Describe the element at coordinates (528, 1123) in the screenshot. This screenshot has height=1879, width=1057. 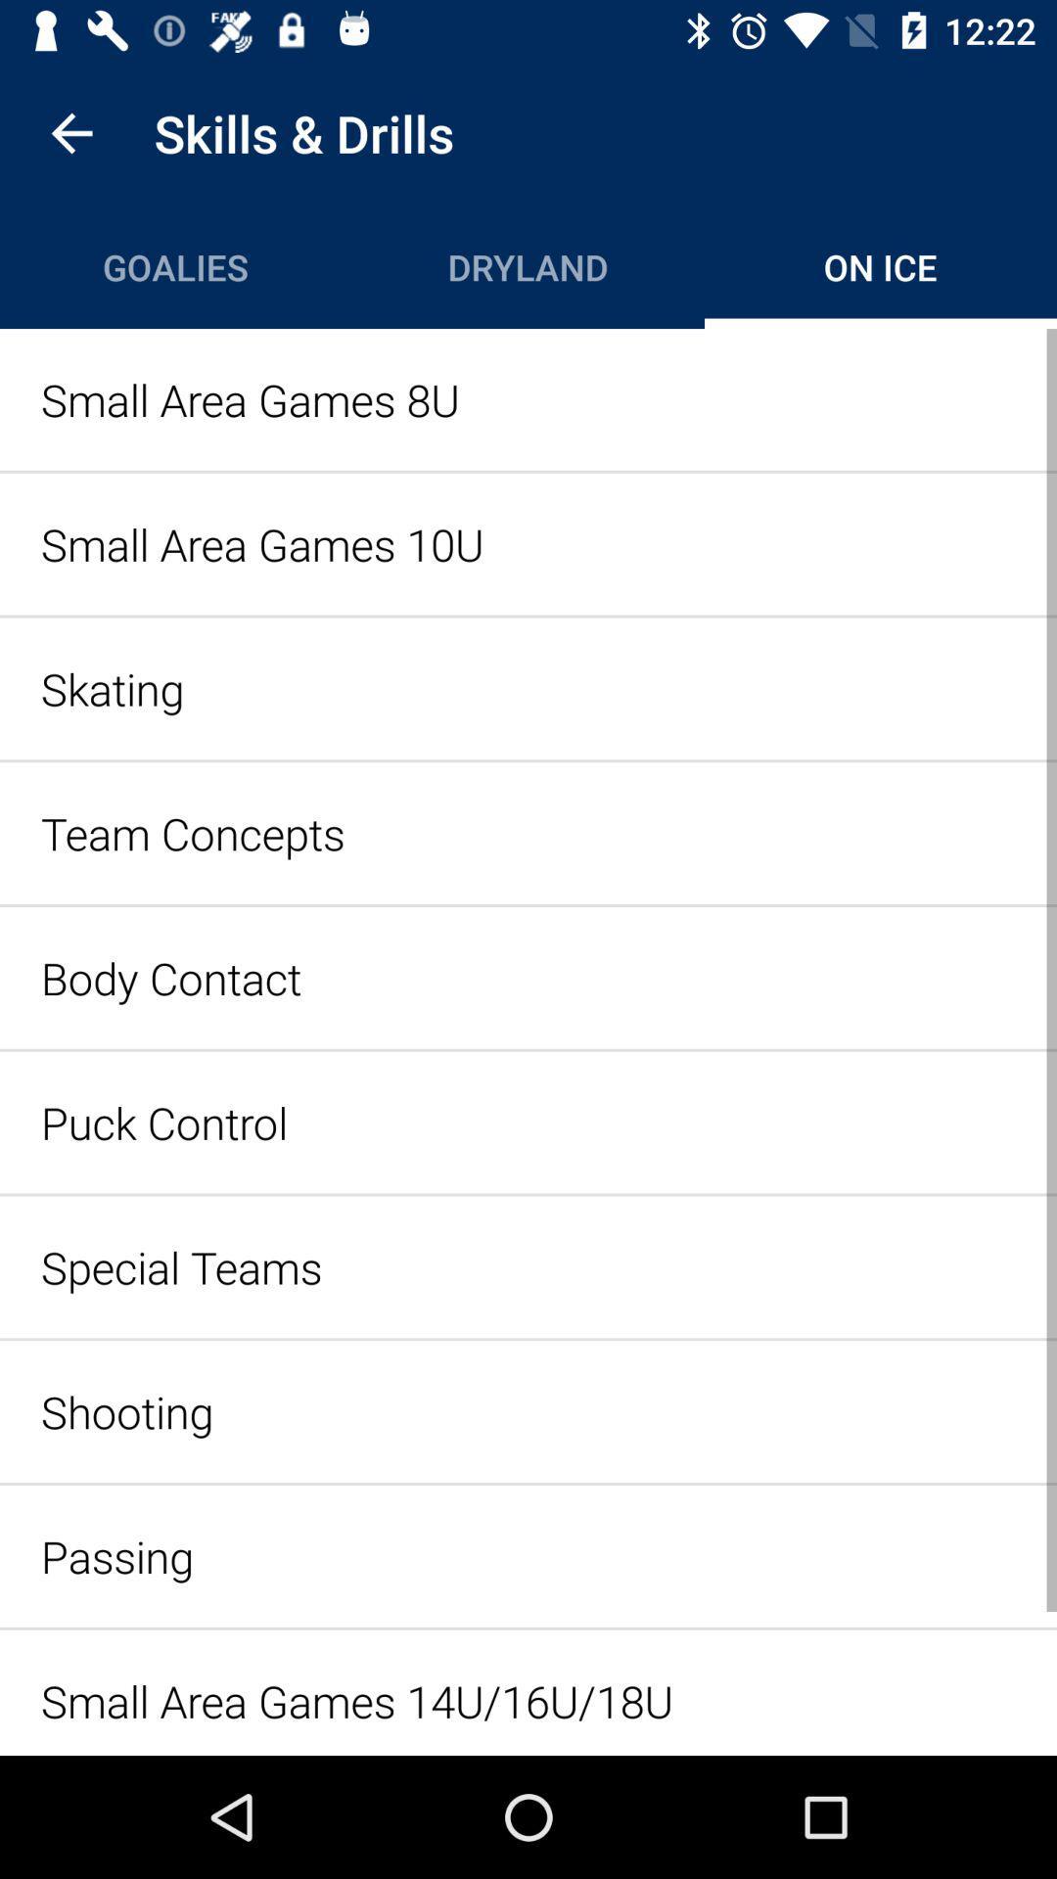
I see `puck control icon` at that location.